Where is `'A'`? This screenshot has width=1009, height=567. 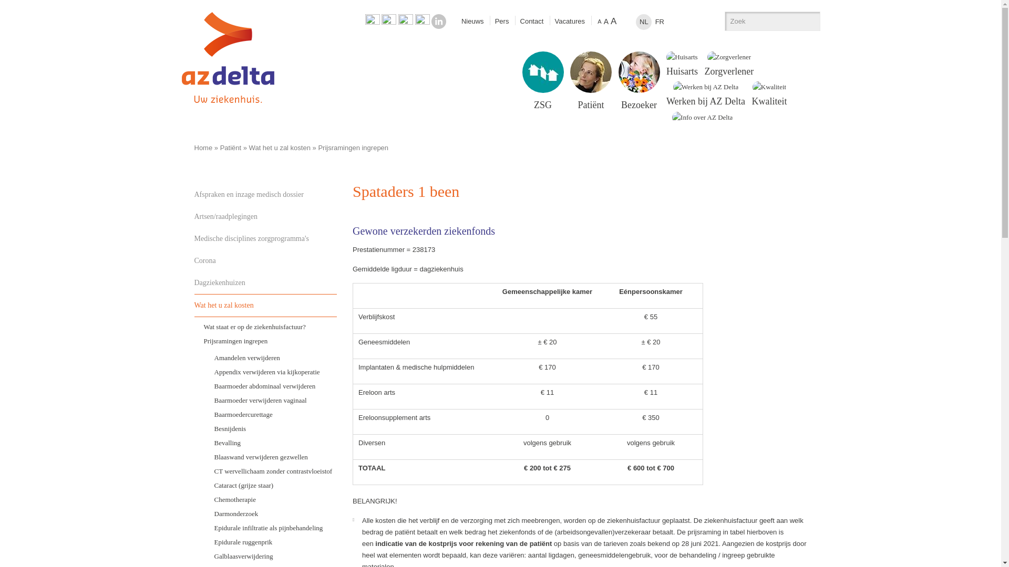
'A' is located at coordinates (606, 22).